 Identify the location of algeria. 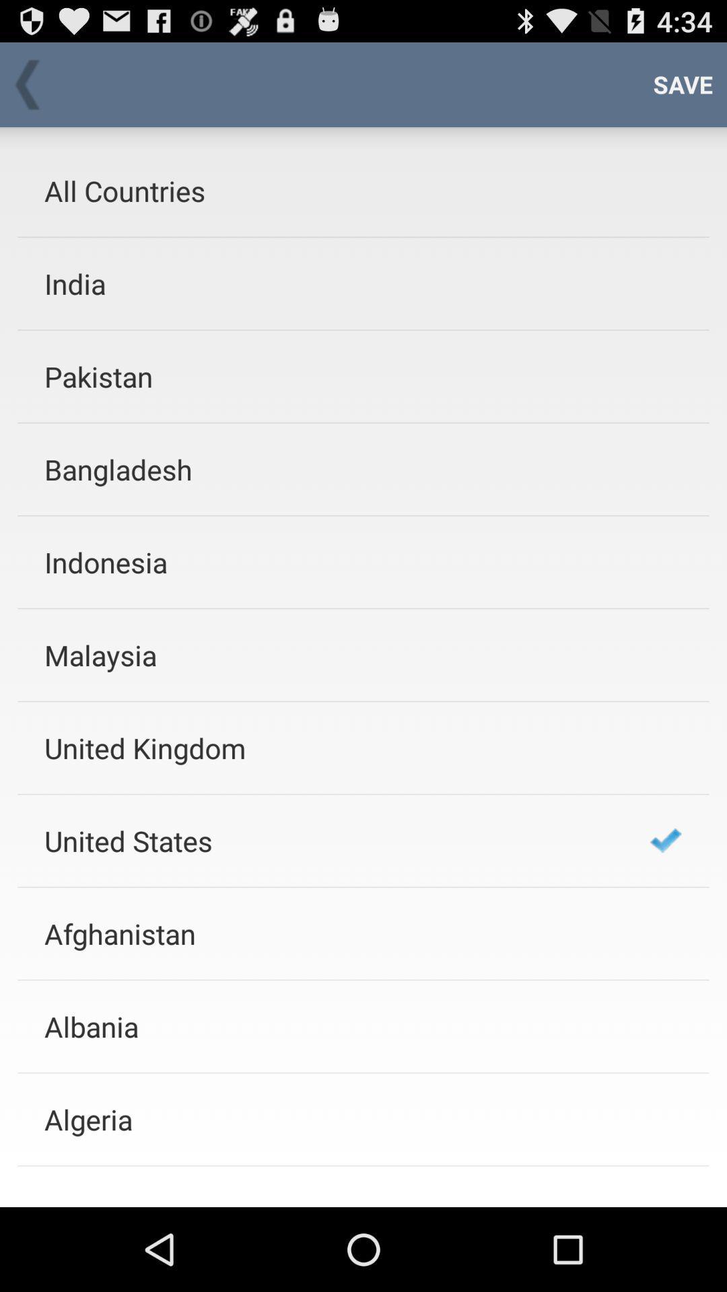
(329, 1119).